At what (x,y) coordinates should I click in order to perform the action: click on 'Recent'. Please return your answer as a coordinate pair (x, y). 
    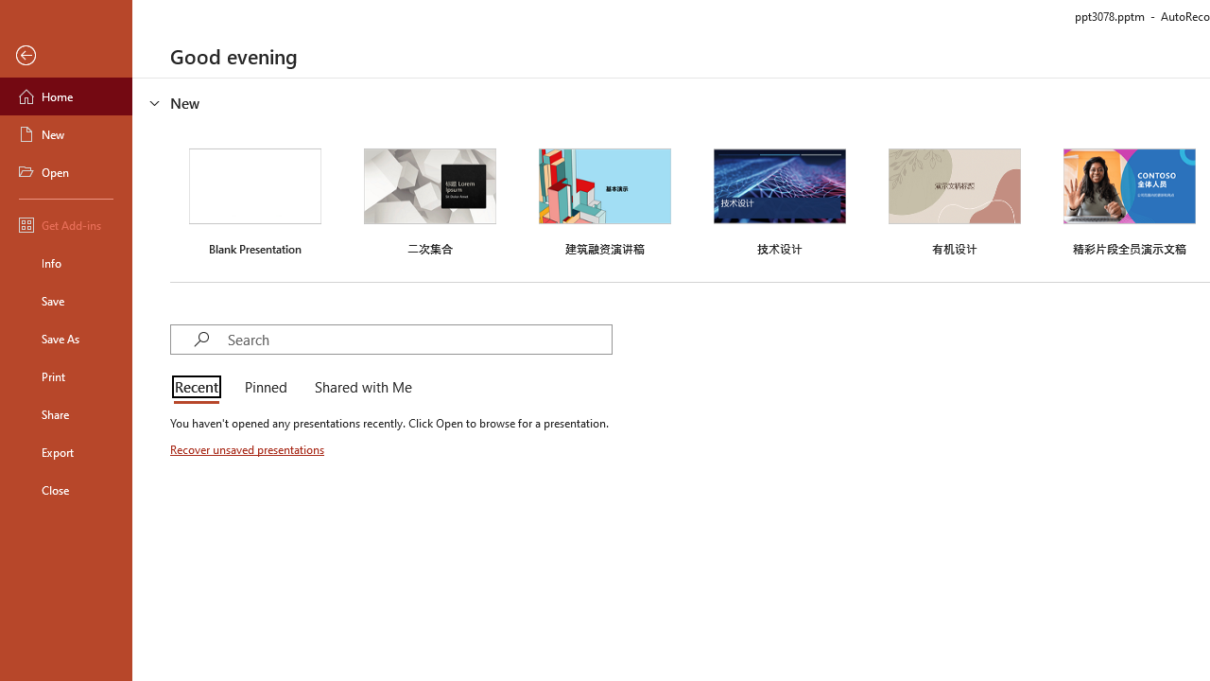
    Looking at the image, I should click on (200, 388).